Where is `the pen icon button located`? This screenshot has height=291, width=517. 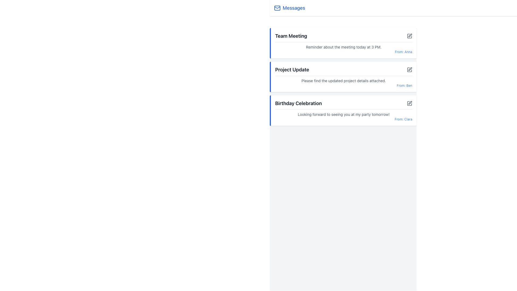 the pen icon button located is located at coordinates (409, 103).